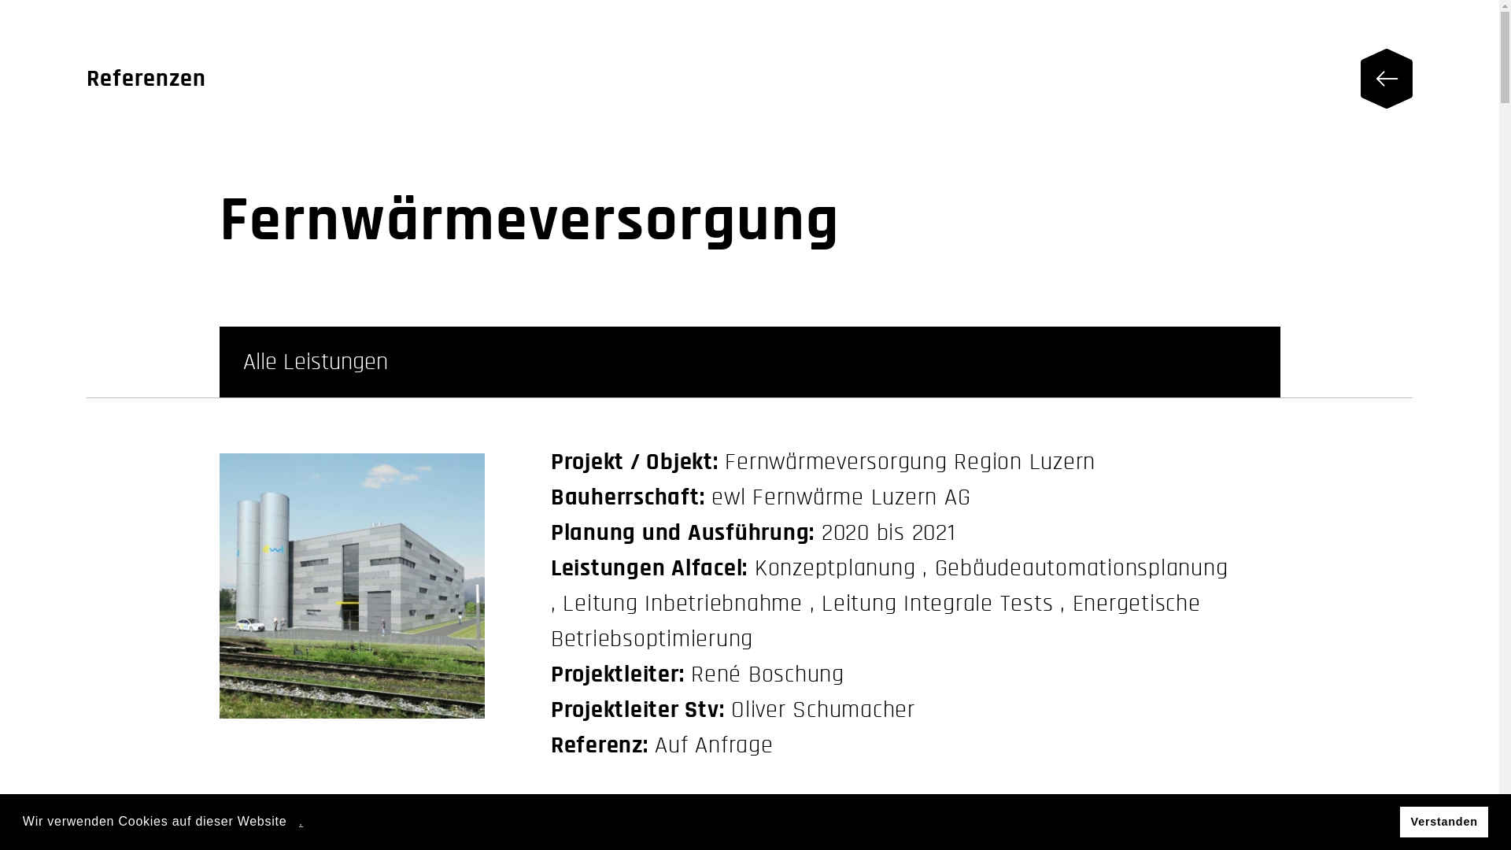 The width and height of the screenshot is (1511, 850). Describe the element at coordinates (301, 820) in the screenshot. I see `'.'` at that location.